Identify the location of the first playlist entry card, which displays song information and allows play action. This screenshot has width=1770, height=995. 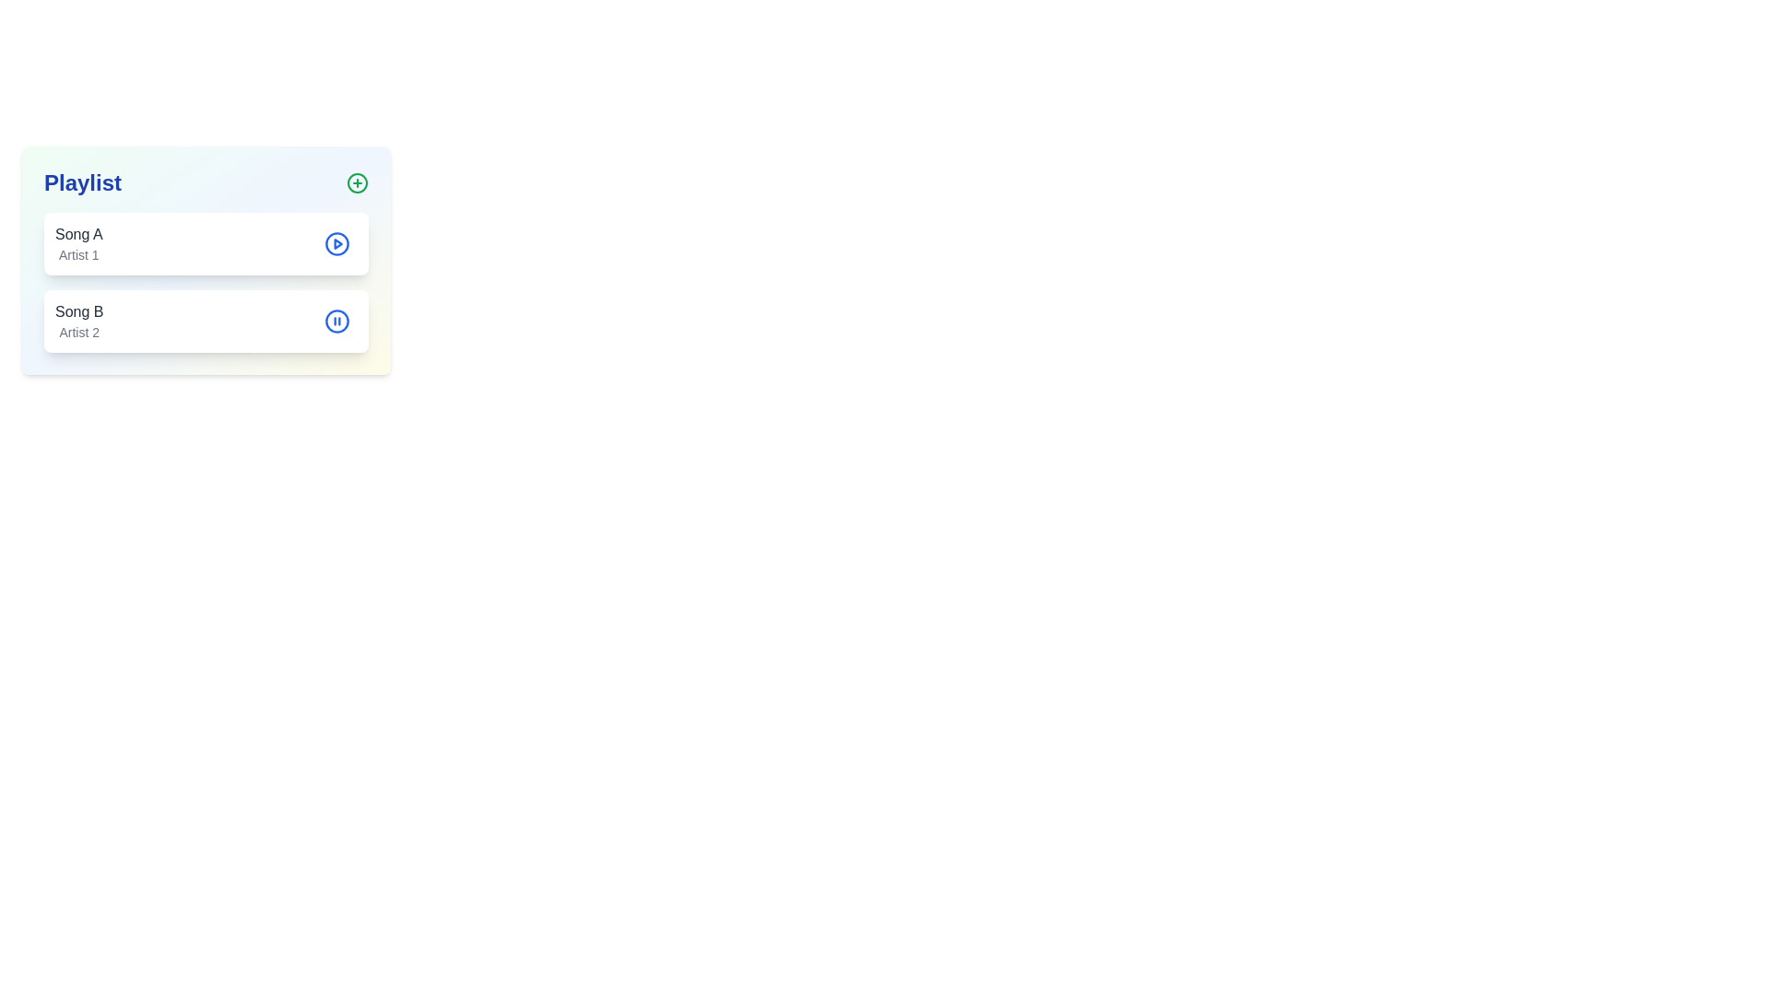
(206, 260).